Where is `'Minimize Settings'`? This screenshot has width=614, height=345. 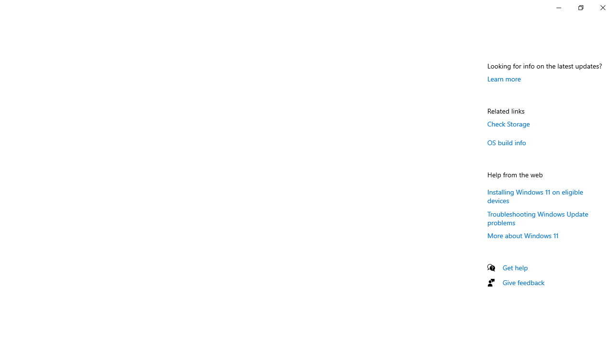
'Minimize Settings' is located at coordinates (558, 7).